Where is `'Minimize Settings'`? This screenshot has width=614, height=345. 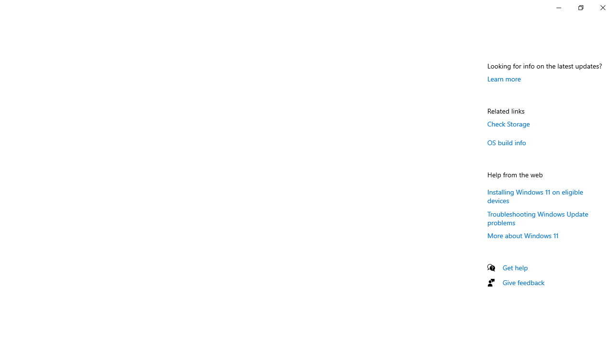
'Minimize Settings' is located at coordinates (558, 7).